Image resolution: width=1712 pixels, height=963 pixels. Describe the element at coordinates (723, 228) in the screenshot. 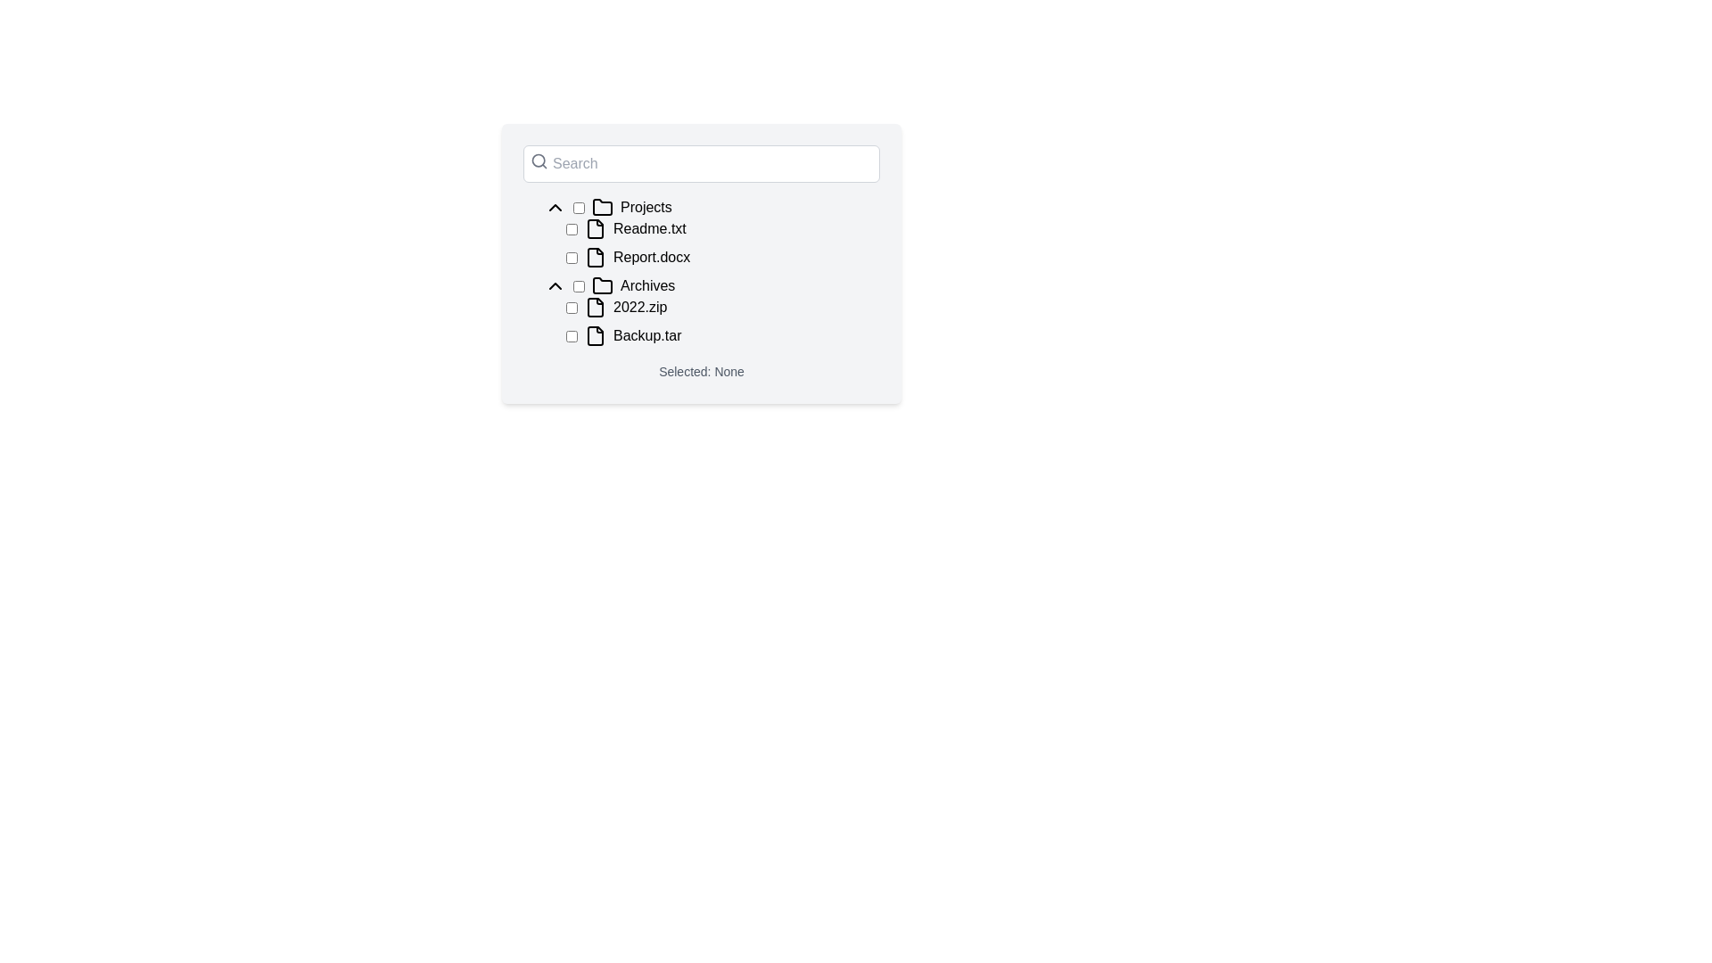

I see `to select the first list item labeled 'Readme.txt' in the 'Projects' directory` at that location.